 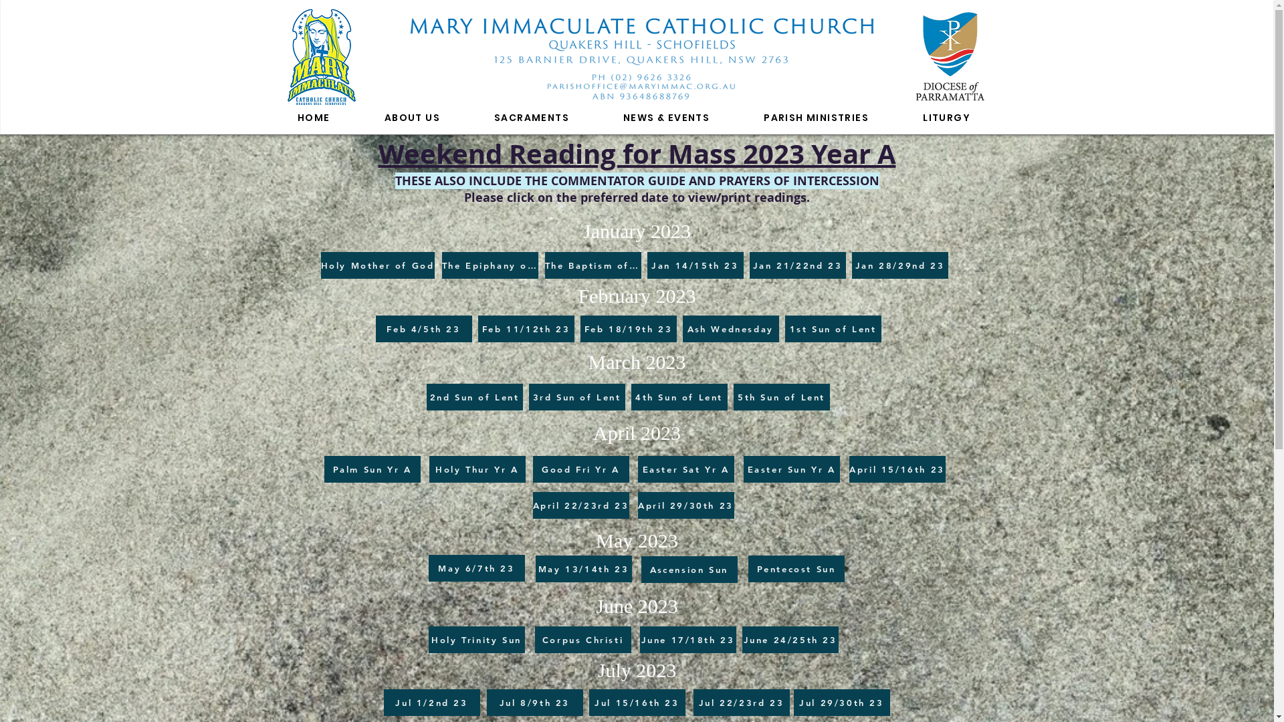 I want to click on 'ABOUT US', so click(x=411, y=118).